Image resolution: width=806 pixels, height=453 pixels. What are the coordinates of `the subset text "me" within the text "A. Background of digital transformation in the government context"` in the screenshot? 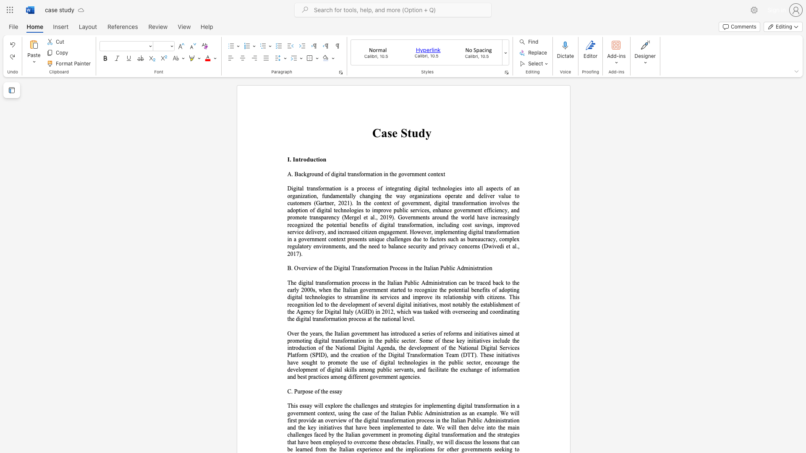 It's located at (414, 174).